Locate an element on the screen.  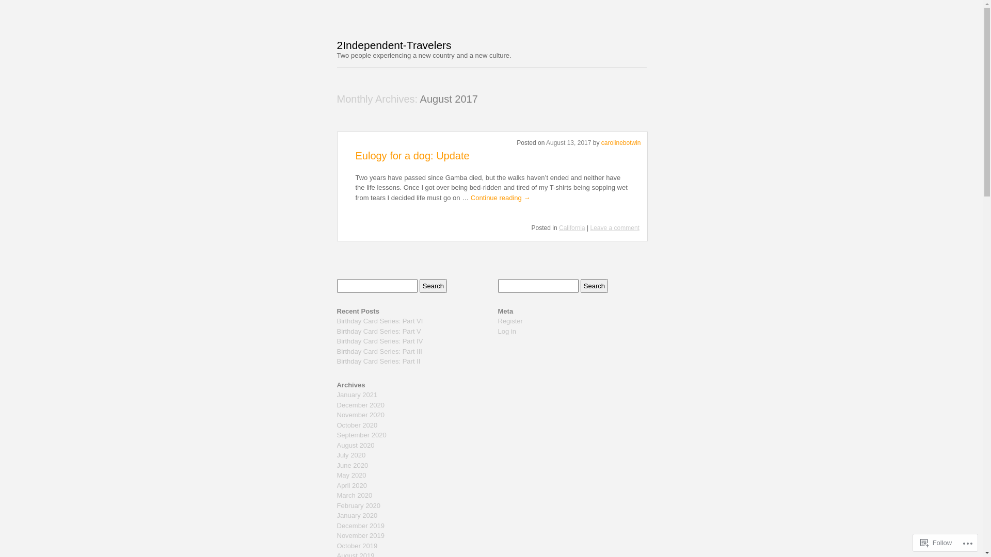
'September 2020' is located at coordinates (361, 435).